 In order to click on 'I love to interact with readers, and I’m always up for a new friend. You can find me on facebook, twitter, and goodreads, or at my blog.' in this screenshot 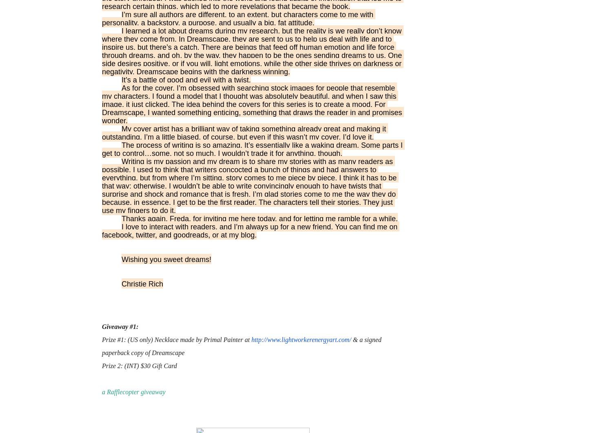, I will do `click(250, 231)`.